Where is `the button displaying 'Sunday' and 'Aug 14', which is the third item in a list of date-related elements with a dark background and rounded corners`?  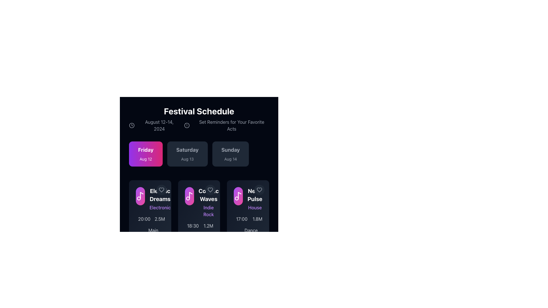
the button displaying 'Sunday' and 'Aug 14', which is the third item in a list of date-related elements with a dark background and rounded corners is located at coordinates (230, 154).